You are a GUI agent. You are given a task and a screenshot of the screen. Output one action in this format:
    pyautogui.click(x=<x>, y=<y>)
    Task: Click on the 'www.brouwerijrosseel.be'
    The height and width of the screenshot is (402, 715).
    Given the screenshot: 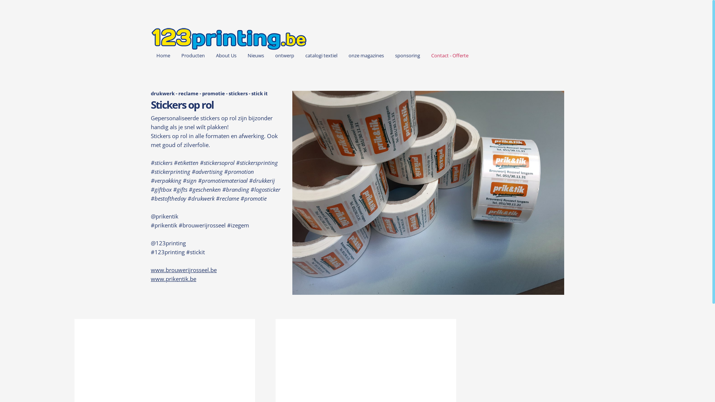 What is the action you would take?
    pyautogui.click(x=184, y=270)
    